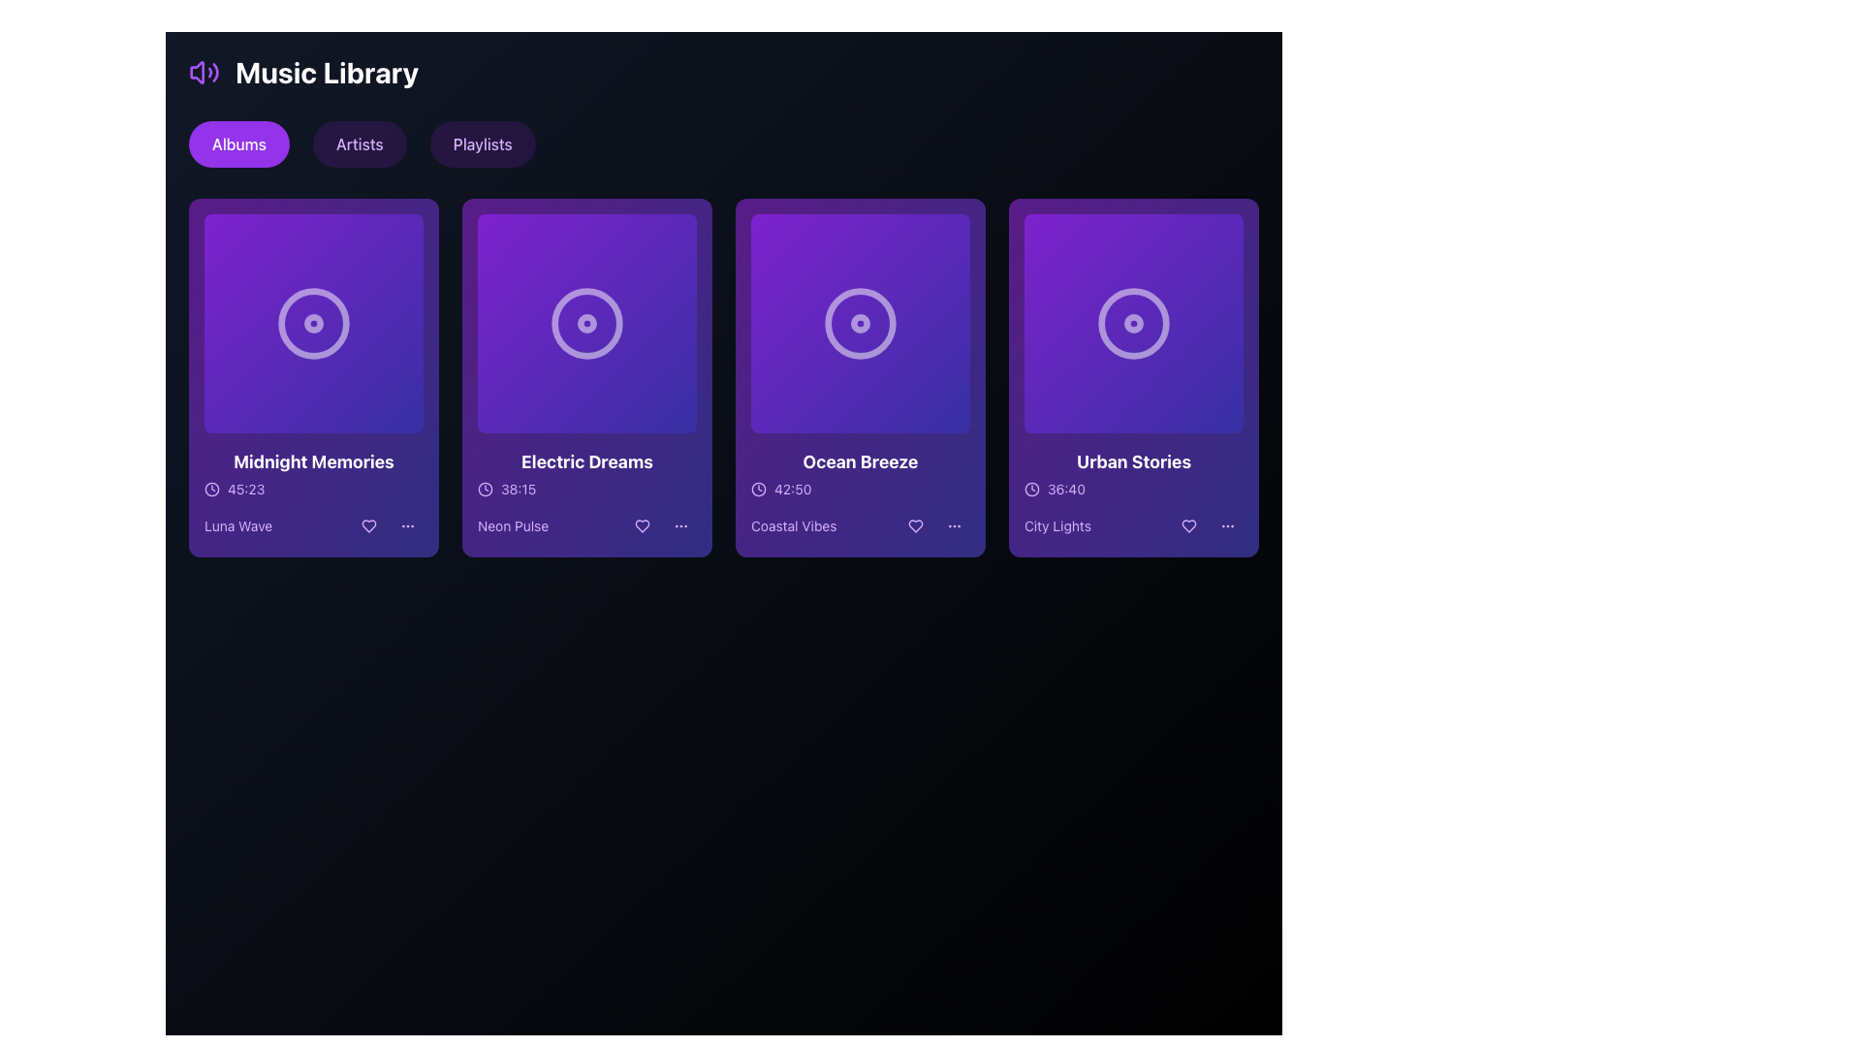 Image resolution: width=1861 pixels, height=1047 pixels. Describe the element at coordinates (954, 526) in the screenshot. I see `the circular purple button with three lighter purple dots in the options section of the 'Ocean Breeze' card` at that location.